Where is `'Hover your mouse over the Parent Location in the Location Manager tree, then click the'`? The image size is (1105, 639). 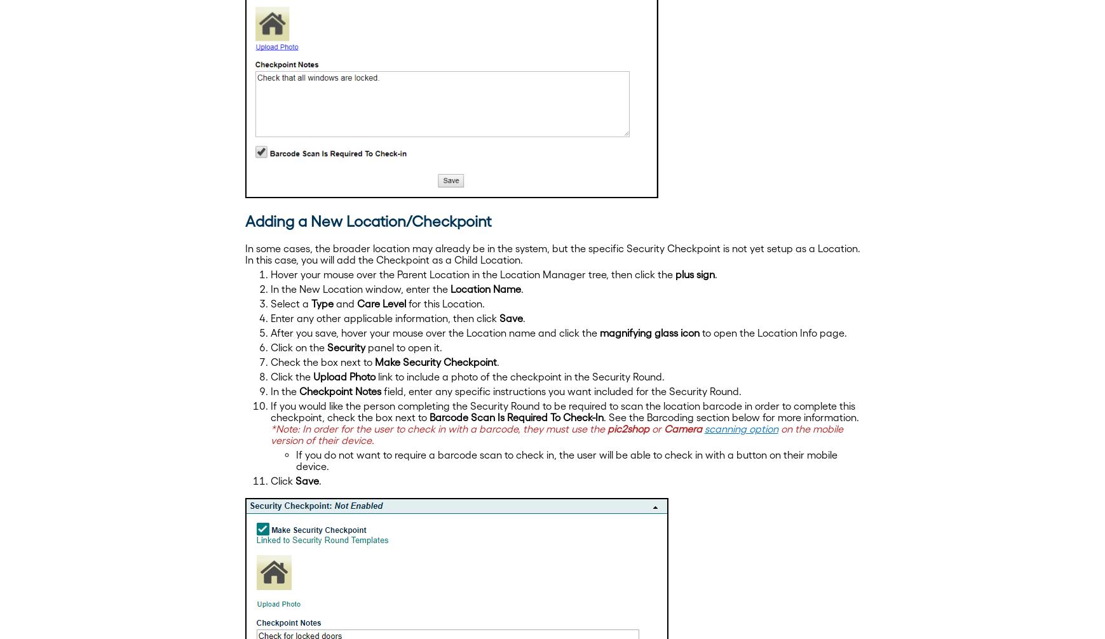 'Hover your mouse over the Parent Location in the Location Manager tree, then click the' is located at coordinates (471, 273).